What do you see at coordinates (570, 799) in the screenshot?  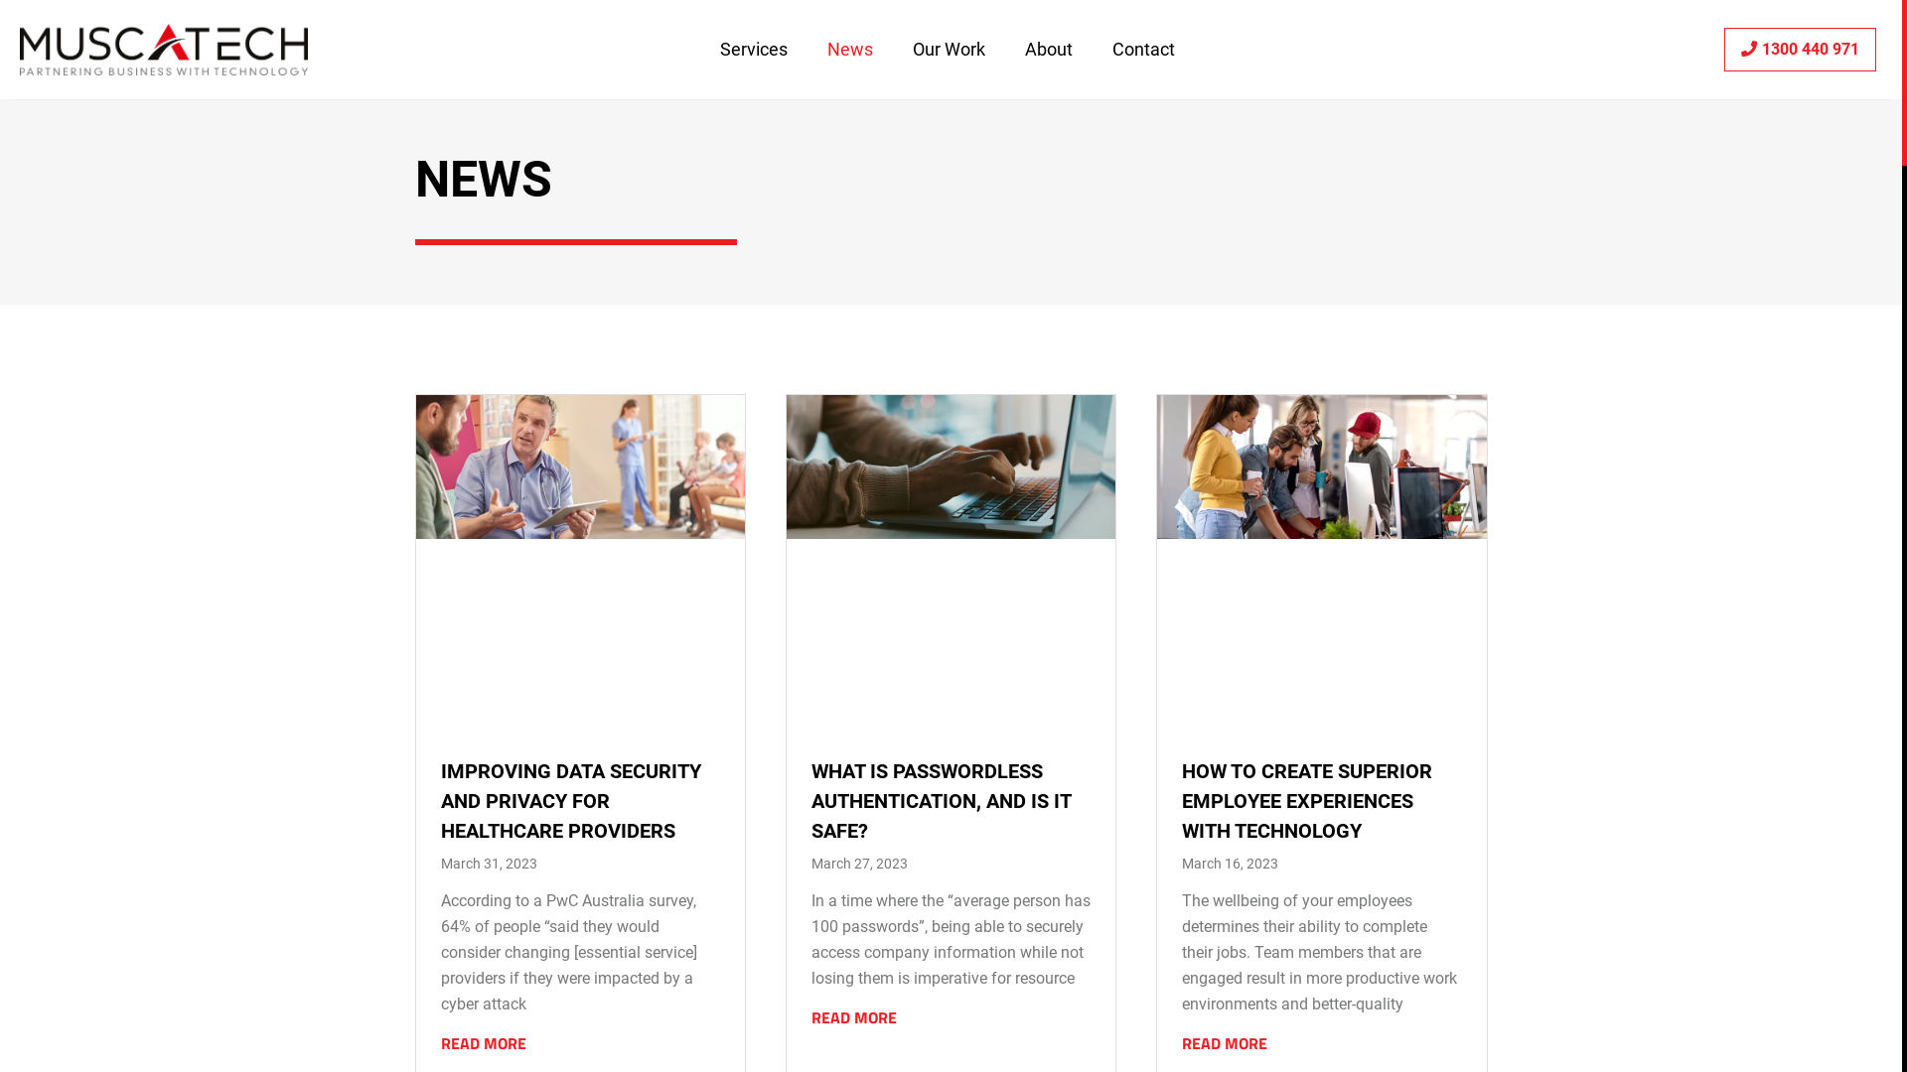 I see `'IMPROVING DATA SECURITY AND PRIVACY FOR HEALTHCARE PROVIDERS'` at bounding box center [570, 799].